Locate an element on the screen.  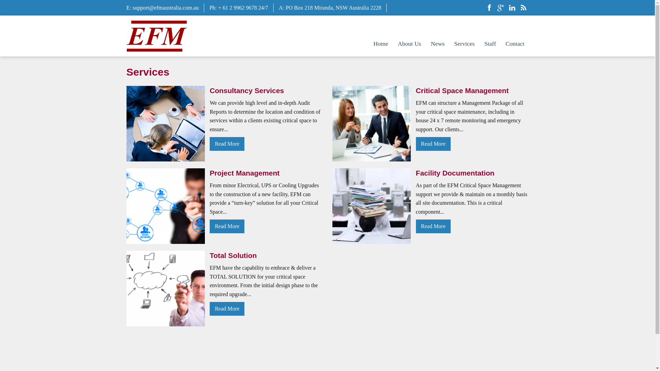
'Facility Documentation' is located at coordinates (472, 172).